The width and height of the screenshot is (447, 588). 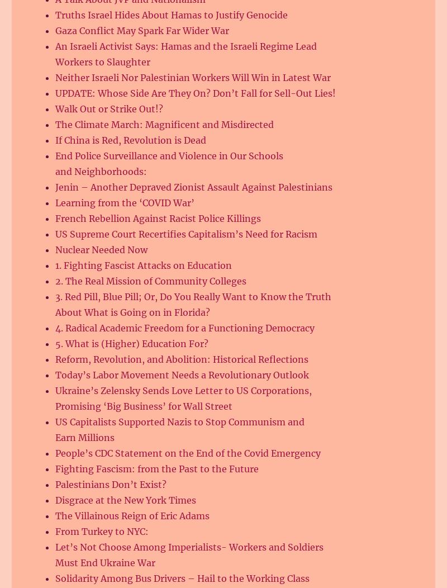 I want to click on 'Reform, Revolution, and Abolition: Historical Reflections', so click(x=55, y=359).